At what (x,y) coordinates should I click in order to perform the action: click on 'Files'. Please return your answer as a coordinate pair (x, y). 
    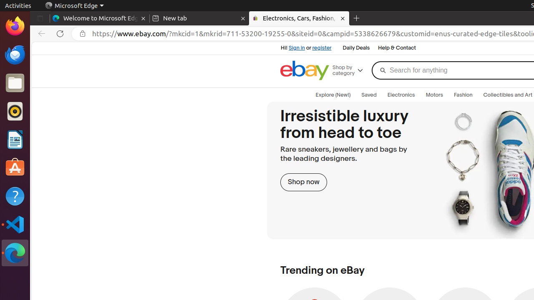
    Looking at the image, I should click on (15, 83).